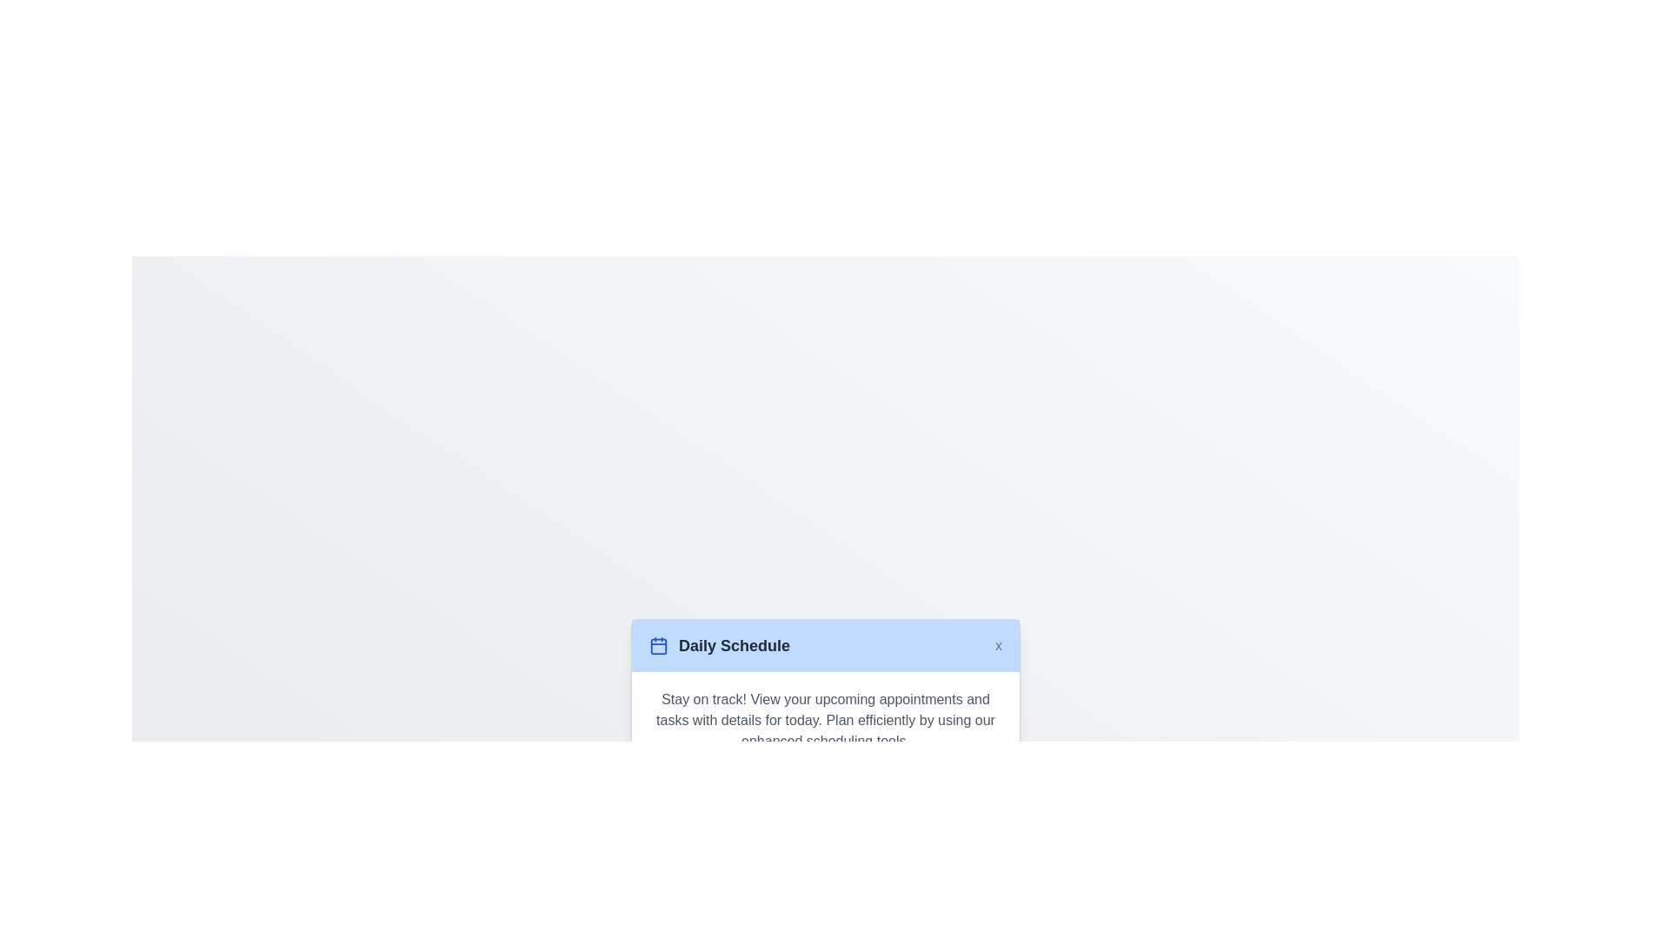 Image resolution: width=1669 pixels, height=939 pixels. Describe the element at coordinates (734, 645) in the screenshot. I see `text label indicating 'Daily Schedule', which serves as a title or header in the medium-upper area of the interface section` at that location.